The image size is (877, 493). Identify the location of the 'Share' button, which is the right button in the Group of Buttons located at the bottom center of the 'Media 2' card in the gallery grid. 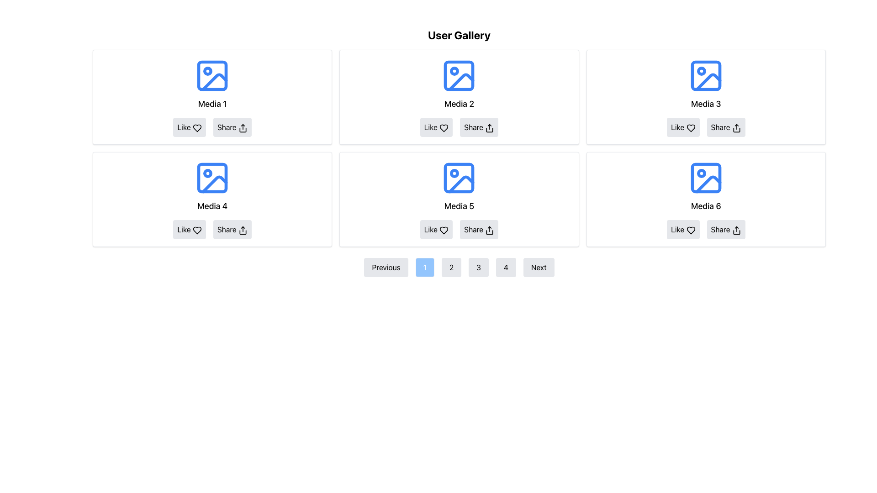
(459, 127).